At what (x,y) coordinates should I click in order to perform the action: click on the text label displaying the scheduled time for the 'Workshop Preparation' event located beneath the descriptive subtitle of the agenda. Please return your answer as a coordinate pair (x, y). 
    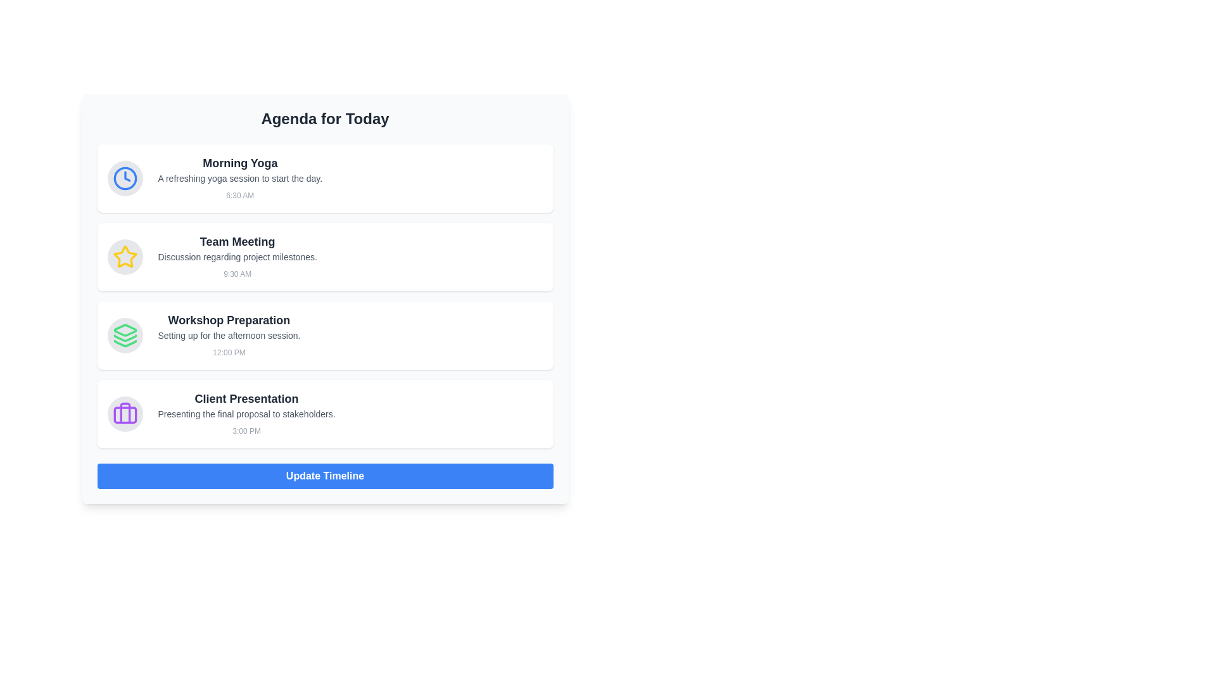
    Looking at the image, I should click on (229, 352).